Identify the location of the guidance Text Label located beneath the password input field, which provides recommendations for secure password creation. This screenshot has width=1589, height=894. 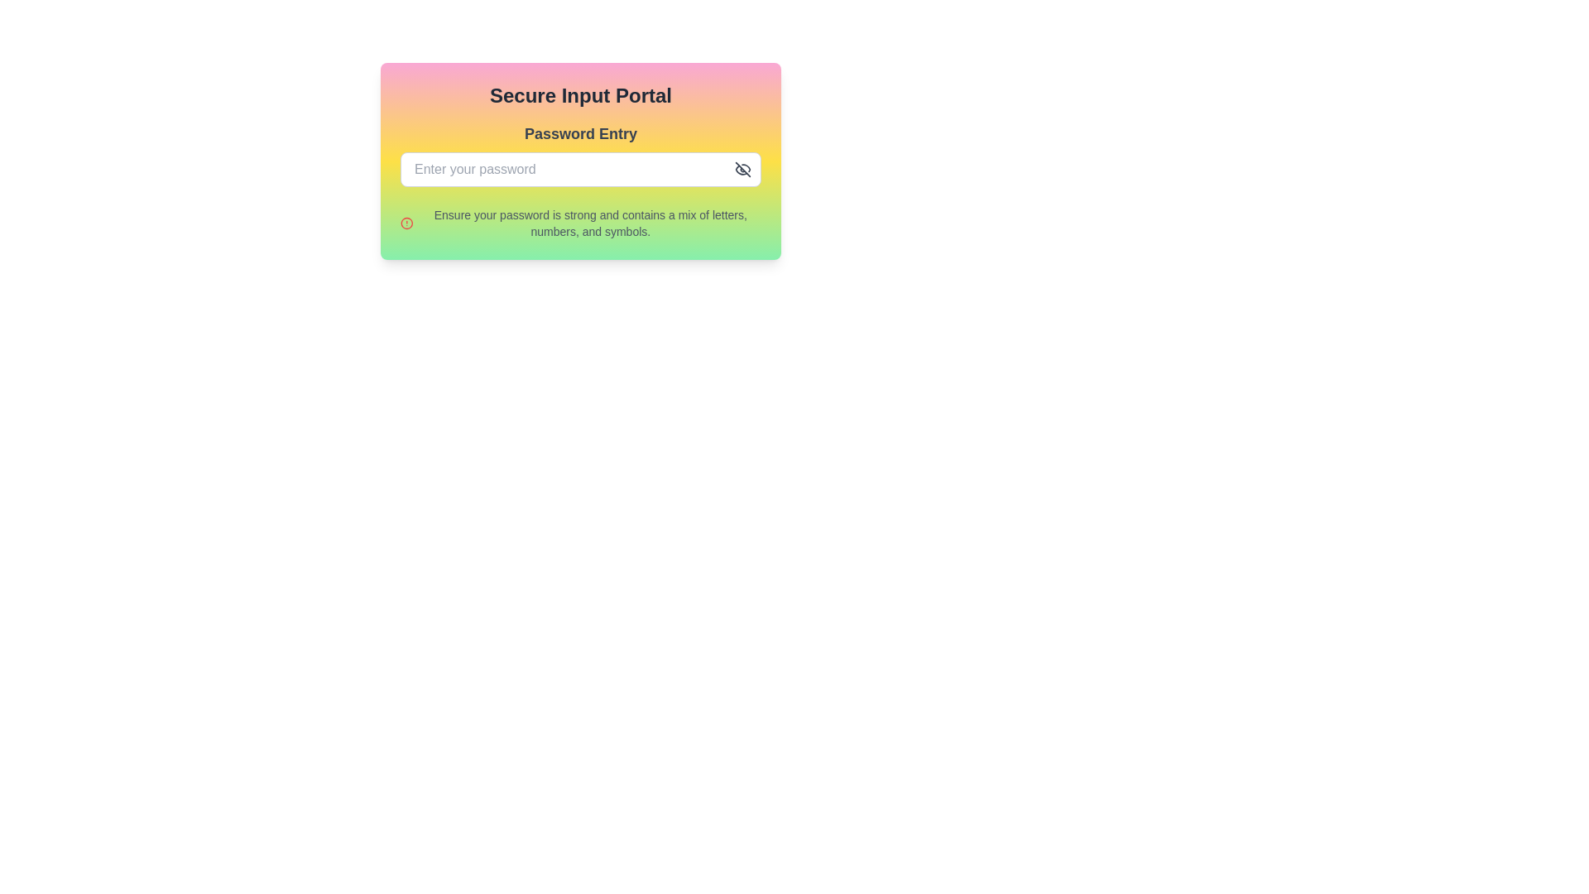
(590, 223).